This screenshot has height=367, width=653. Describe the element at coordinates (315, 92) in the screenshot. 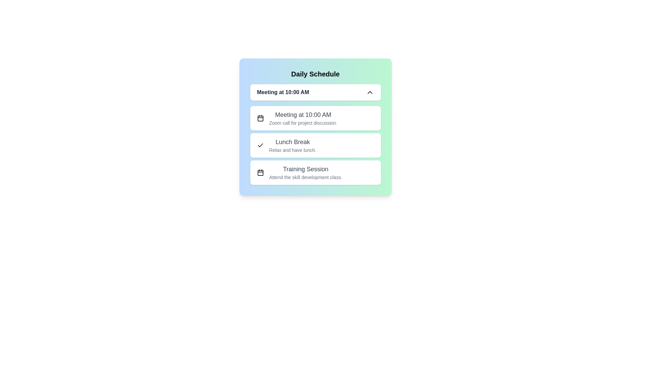

I see `the dropdown toggle button to show or hide the event list` at that location.